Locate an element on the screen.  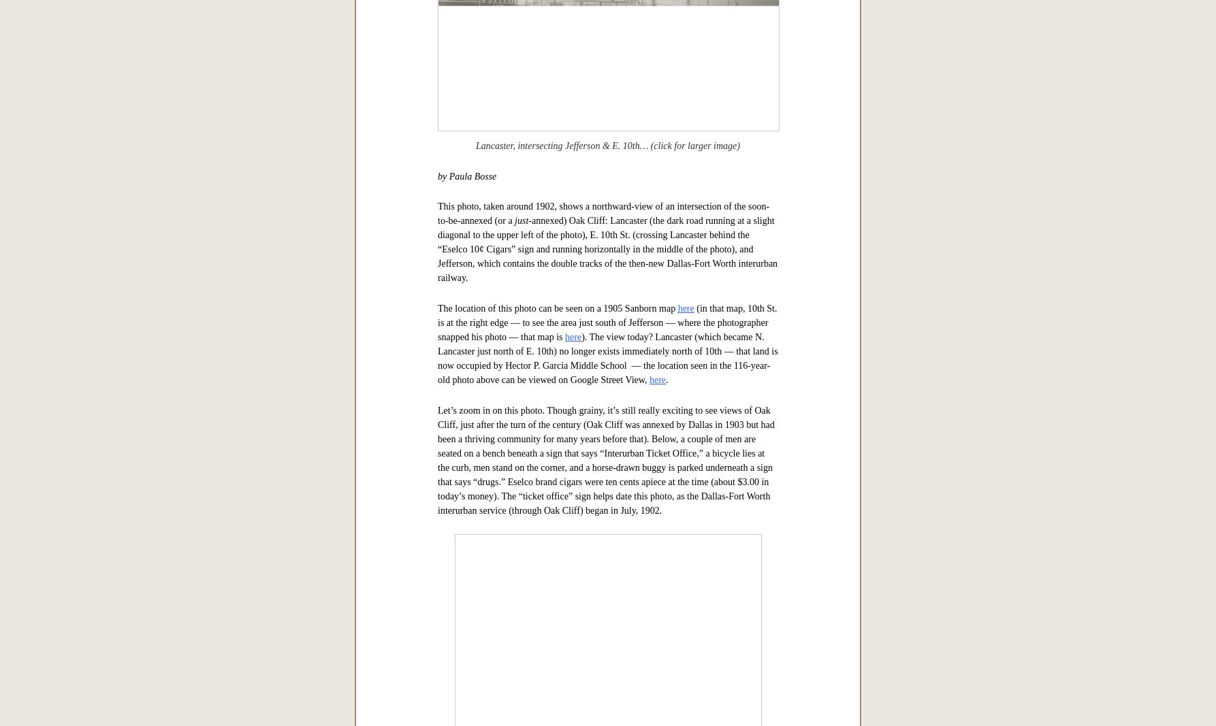
'Copyright © 2018 Paula Bosse. All Rights Reserved.' is located at coordinates (607, 61).